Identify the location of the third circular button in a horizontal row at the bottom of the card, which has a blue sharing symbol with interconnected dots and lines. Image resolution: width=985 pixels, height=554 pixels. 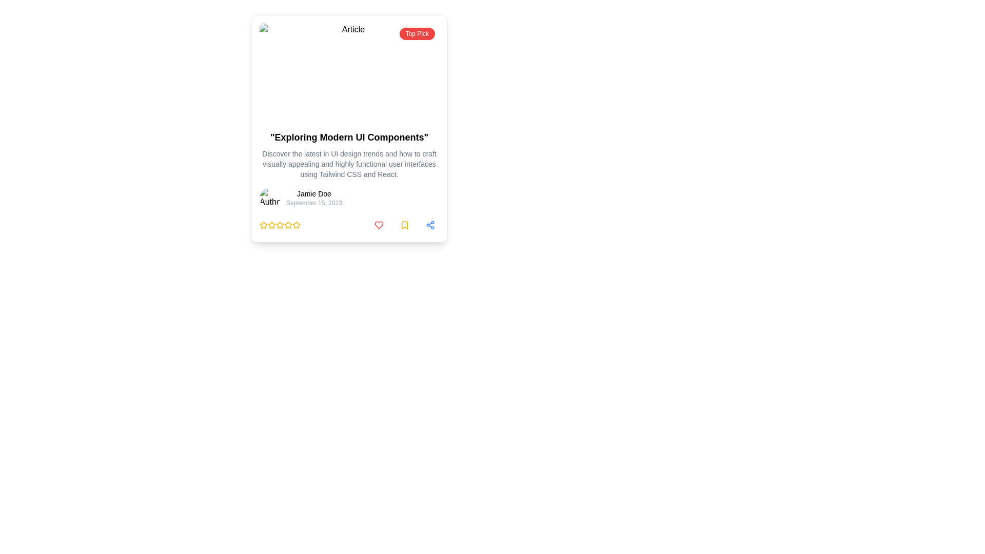
(430, 225).